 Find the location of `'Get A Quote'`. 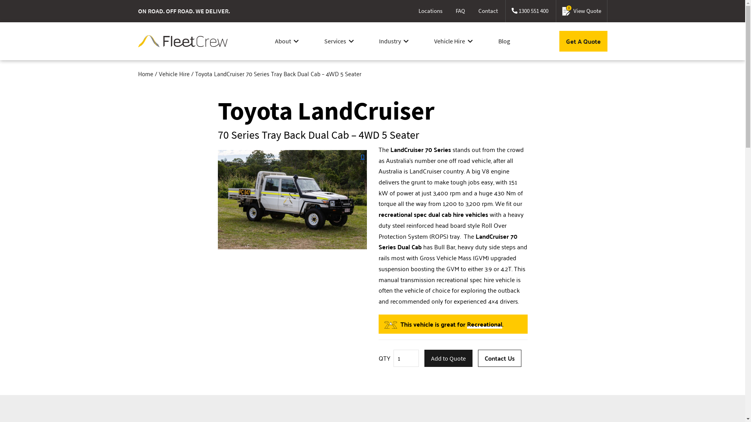

'Get A Quote' is located at coordinates (583, 41).